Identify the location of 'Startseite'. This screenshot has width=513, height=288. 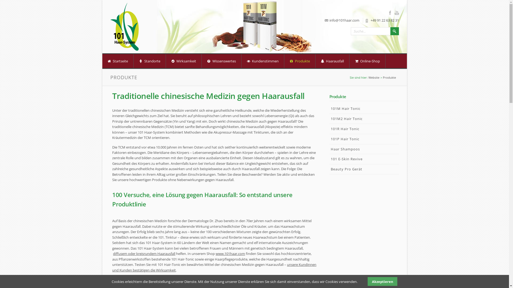
(117, 61).